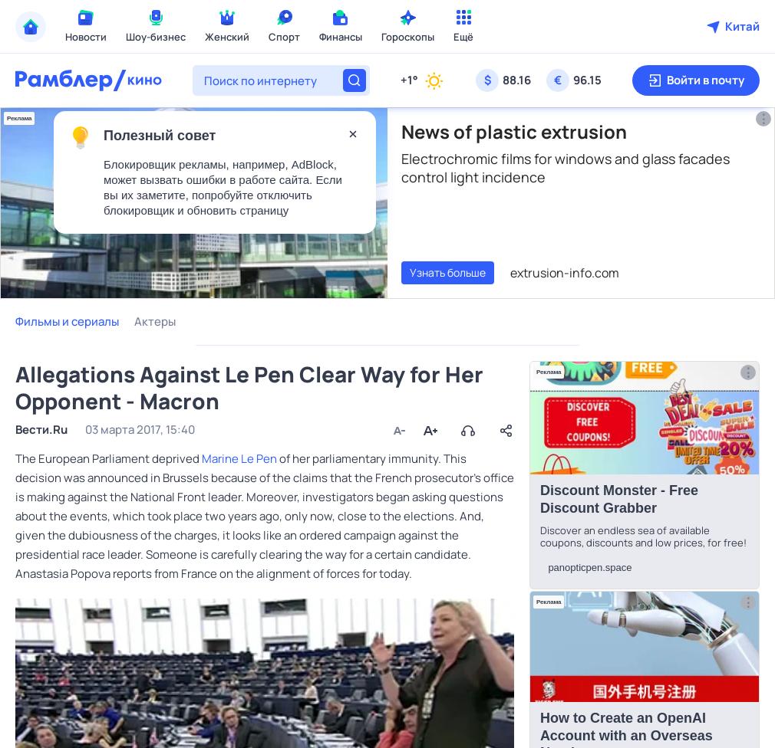  I want to click on 'Discоunt Monstеr - Frее Disсount Grabbеr', so click(618, 497).